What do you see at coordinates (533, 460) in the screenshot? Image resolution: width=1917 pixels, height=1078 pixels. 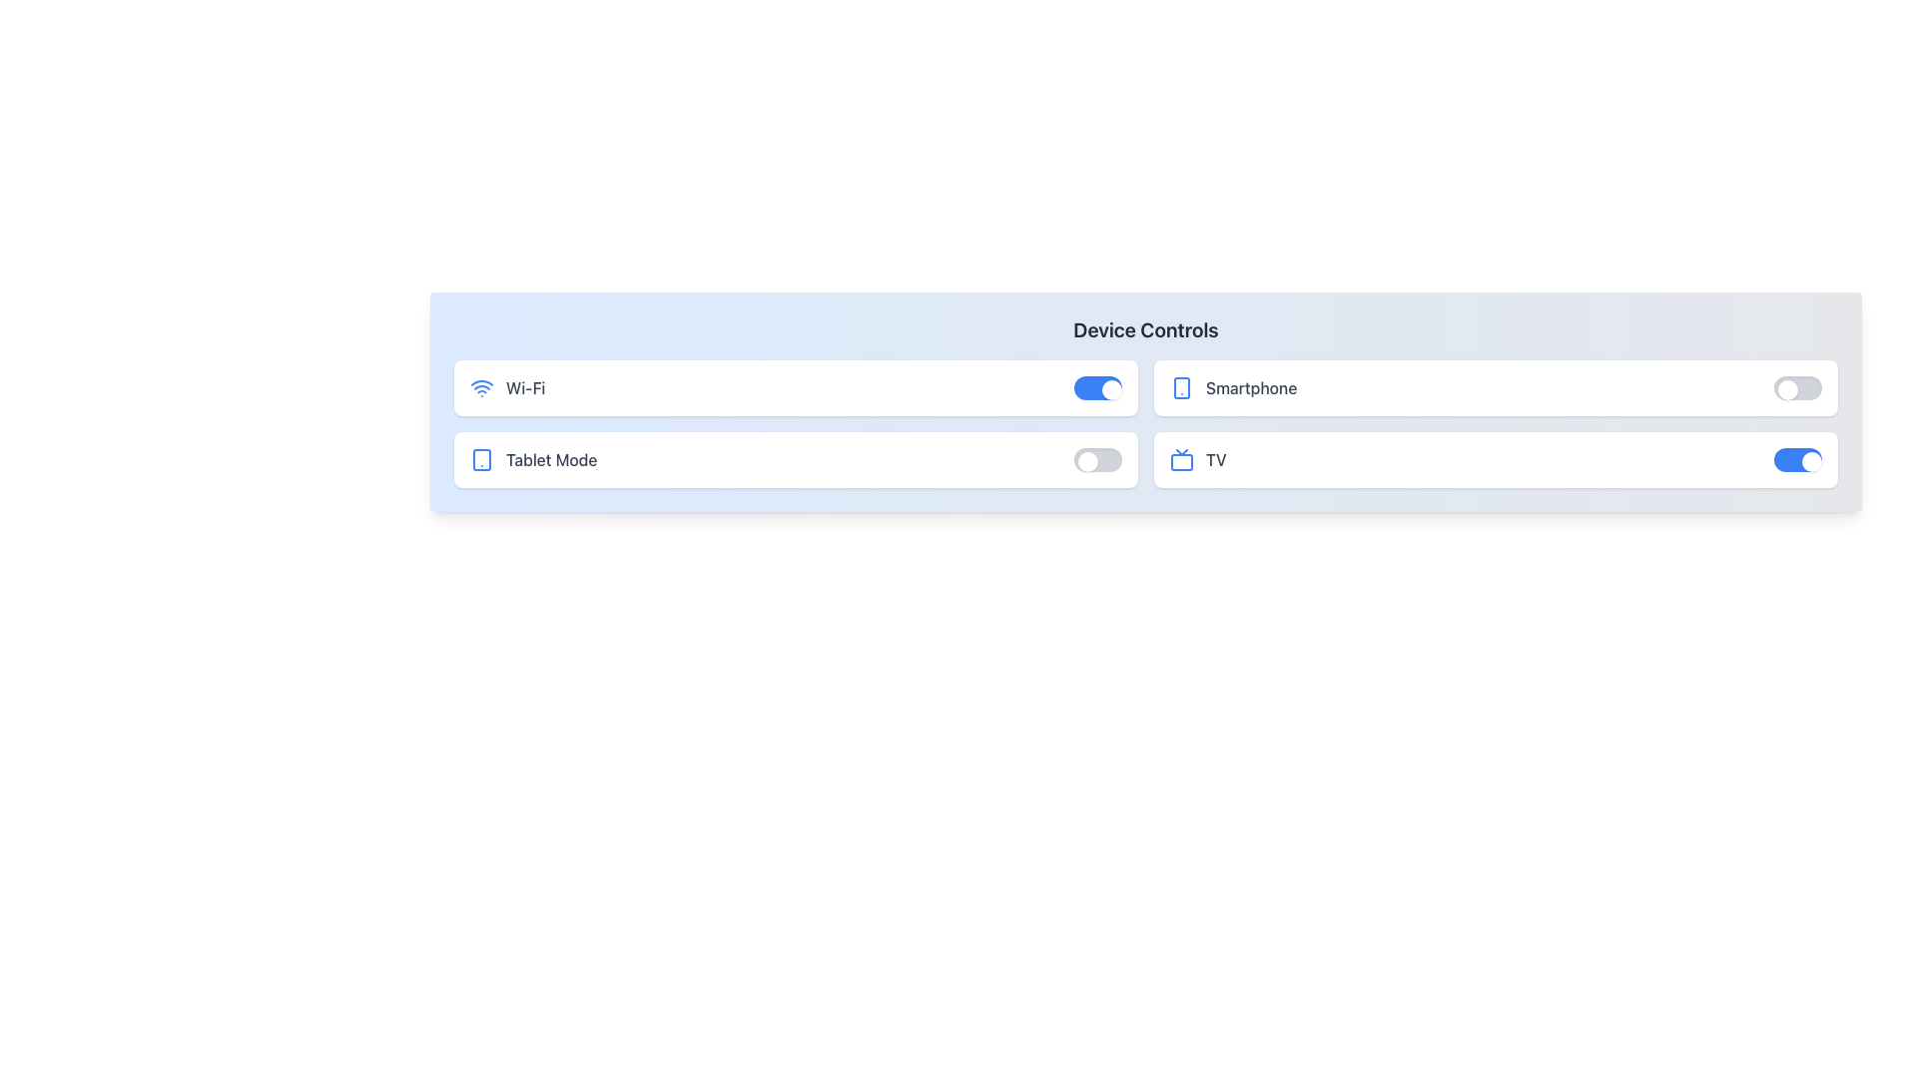 I see `the informational content element indicating Tablet Mode` at bounding box center [533, 460].